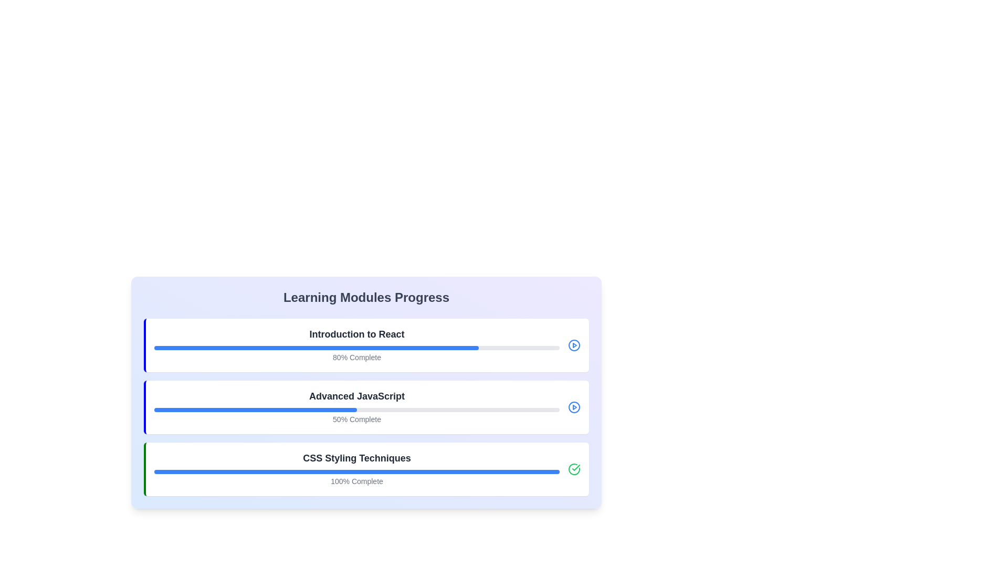 The height and width of the screenshot is (567, 1008). What do you see at coordinates (574, 345) in the screenshot?
I see `the icon button located at the top-right corner of the 'Introduction to React' module card` at bounding box center [574, 345].